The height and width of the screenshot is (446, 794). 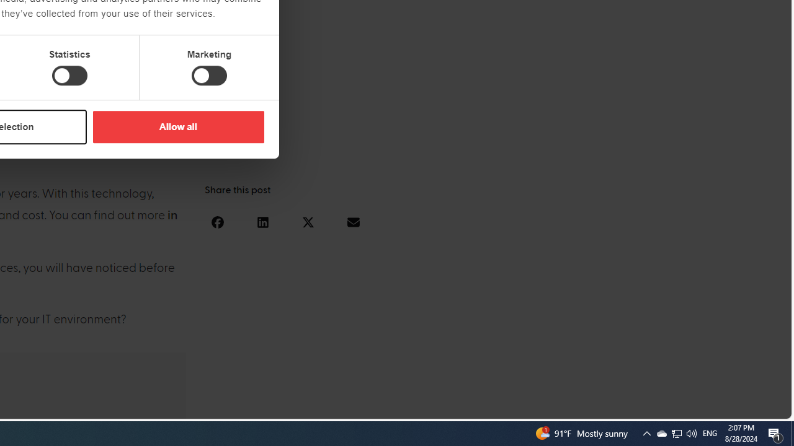 What do you see at coordinates (217, 221) in the screenshot?
I see `'Share on facebook'` at bounding box center [217, 221].